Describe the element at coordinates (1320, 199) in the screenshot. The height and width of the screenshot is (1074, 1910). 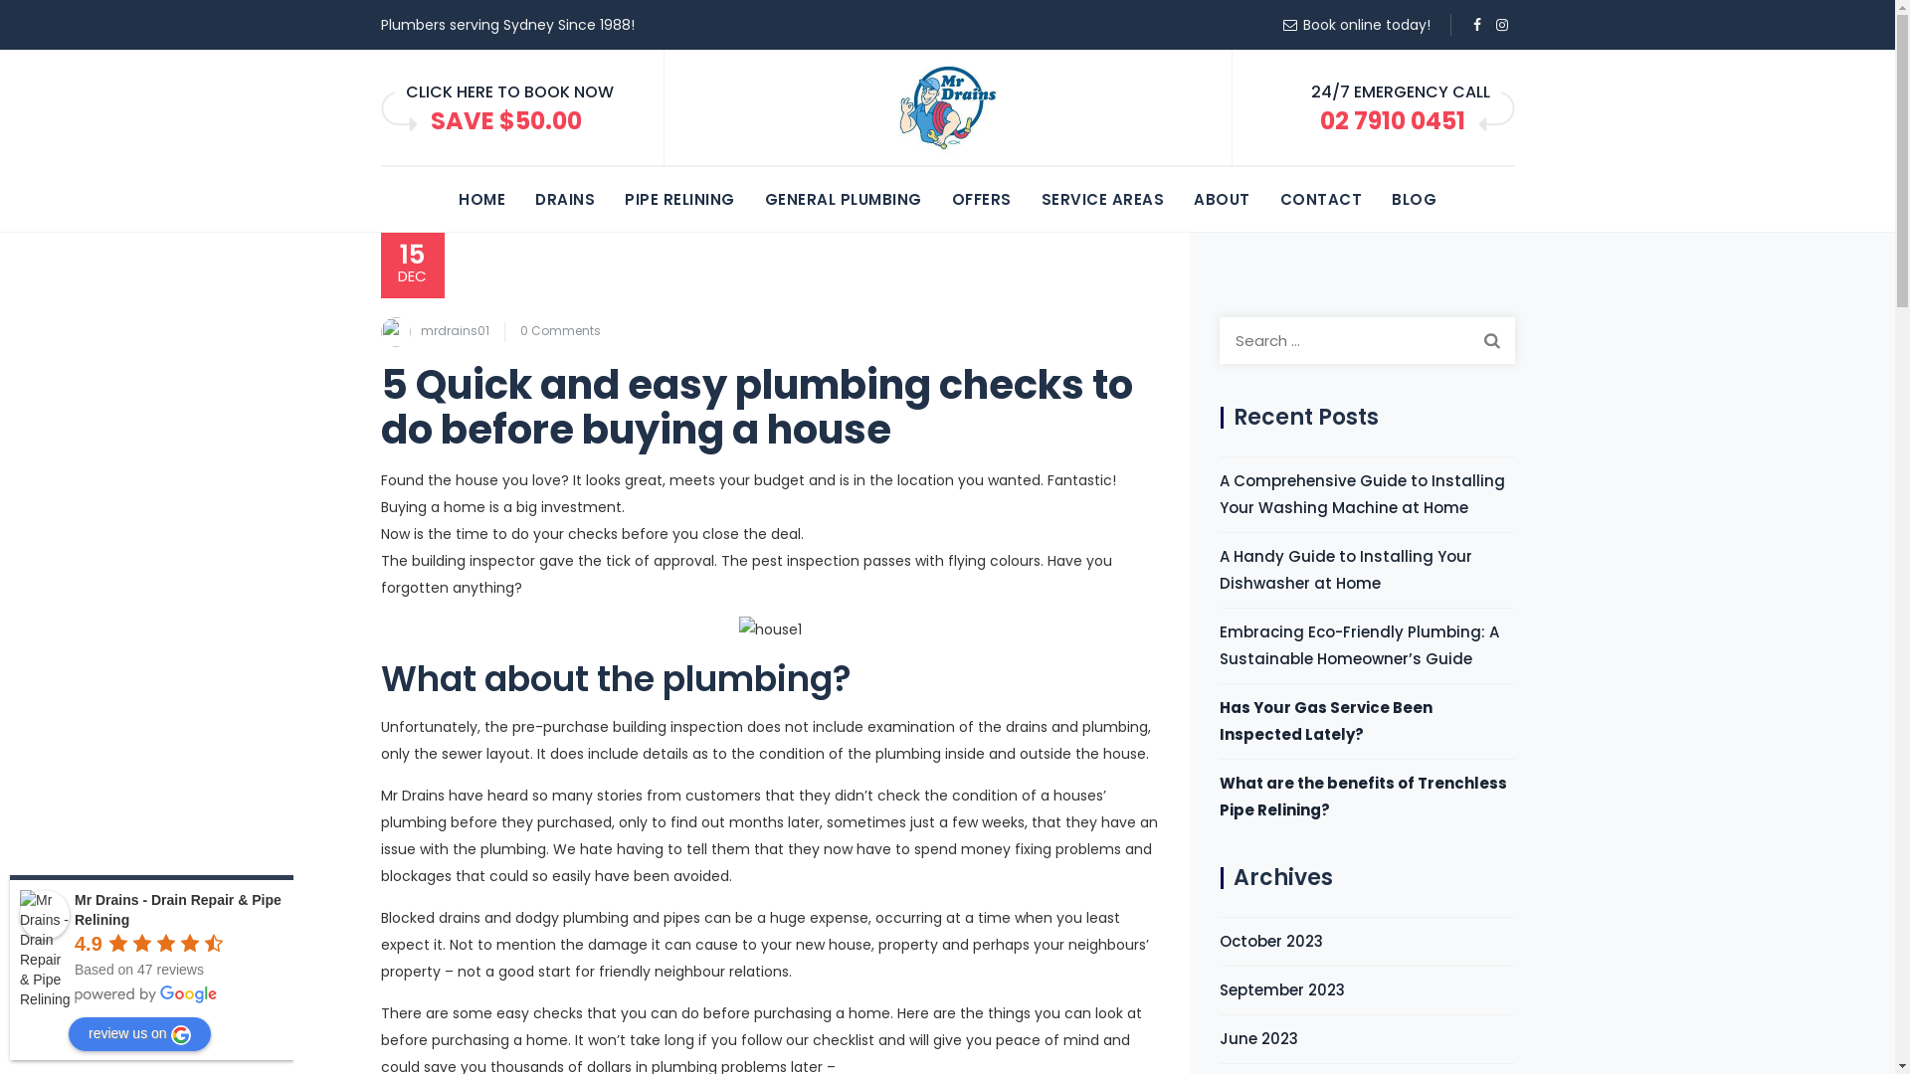
I see `'CONTACT'` at that location.